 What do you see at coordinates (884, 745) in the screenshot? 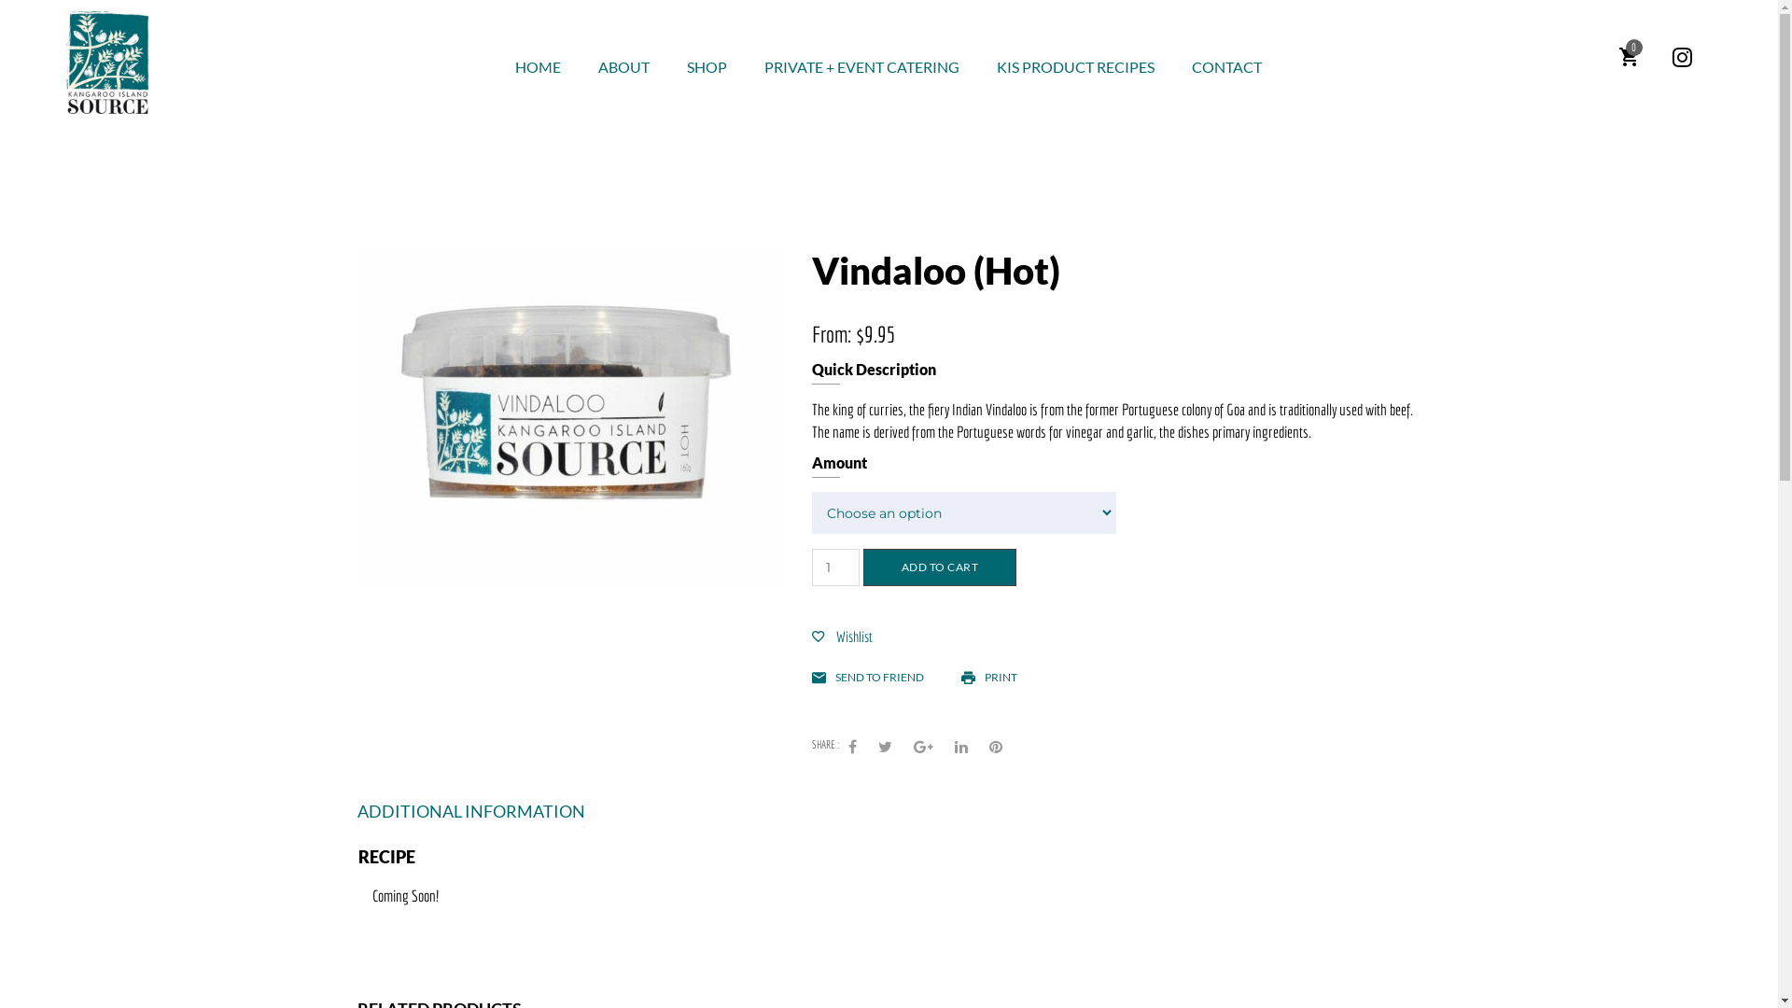
I see `'Twitter'` at bounding box center [884, 745].